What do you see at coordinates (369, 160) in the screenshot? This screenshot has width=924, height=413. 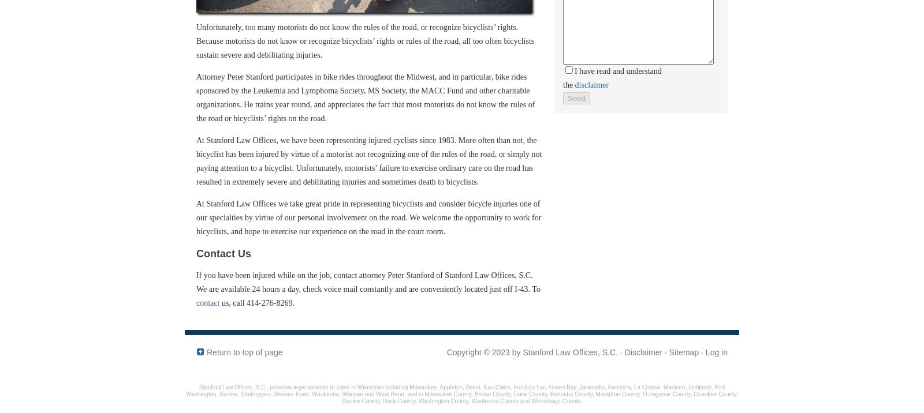 I see `'At Stanford Law Offices, we have been representing injured cyclists since 1983. More often than not, the bicyclist has been injured by virtue of a motorist not recognizing one of the rules of the road, or simply not paying attention to a bicyclist. Unfortunately, motorists’ failure to exercise ordinary care on the road has resulted in extremely severe and debilitating injuries and sometimes death to bicyclists.'` at bounding box center [369, 160].